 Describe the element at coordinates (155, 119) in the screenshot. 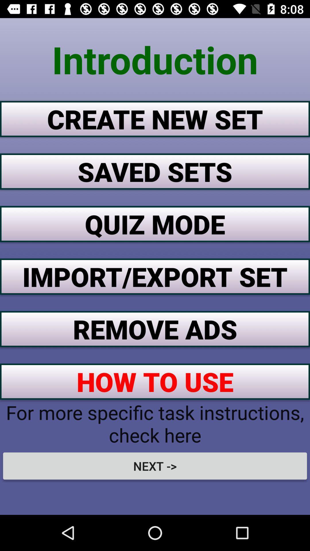

I see `app below the introduction` at that location.